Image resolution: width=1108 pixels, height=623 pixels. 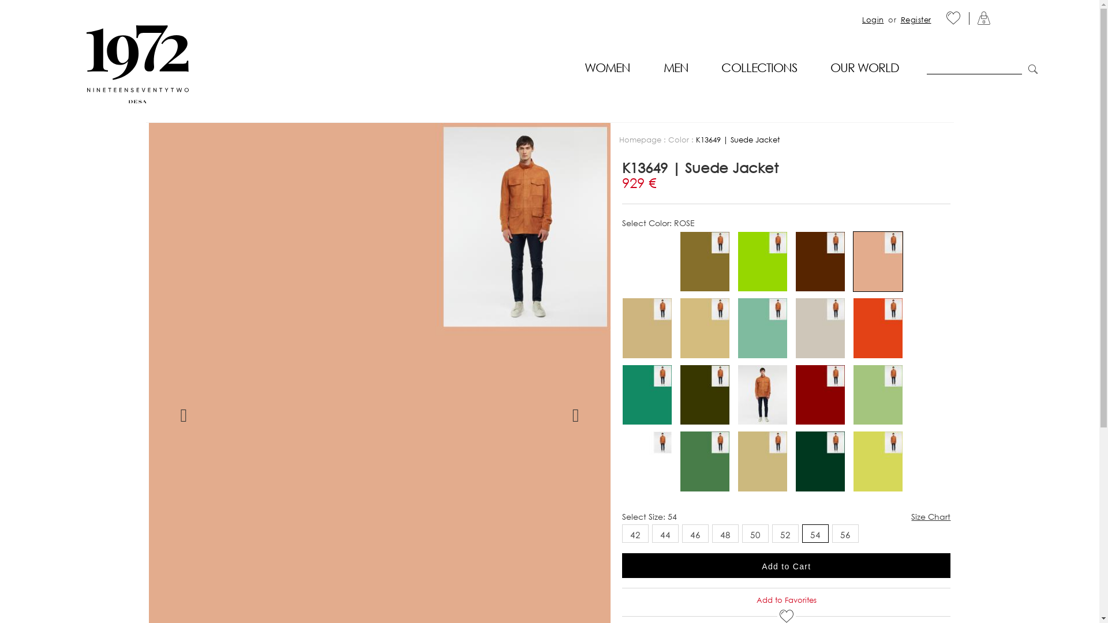 I want to click on 'WOMEN', so click(x=607, y=69).